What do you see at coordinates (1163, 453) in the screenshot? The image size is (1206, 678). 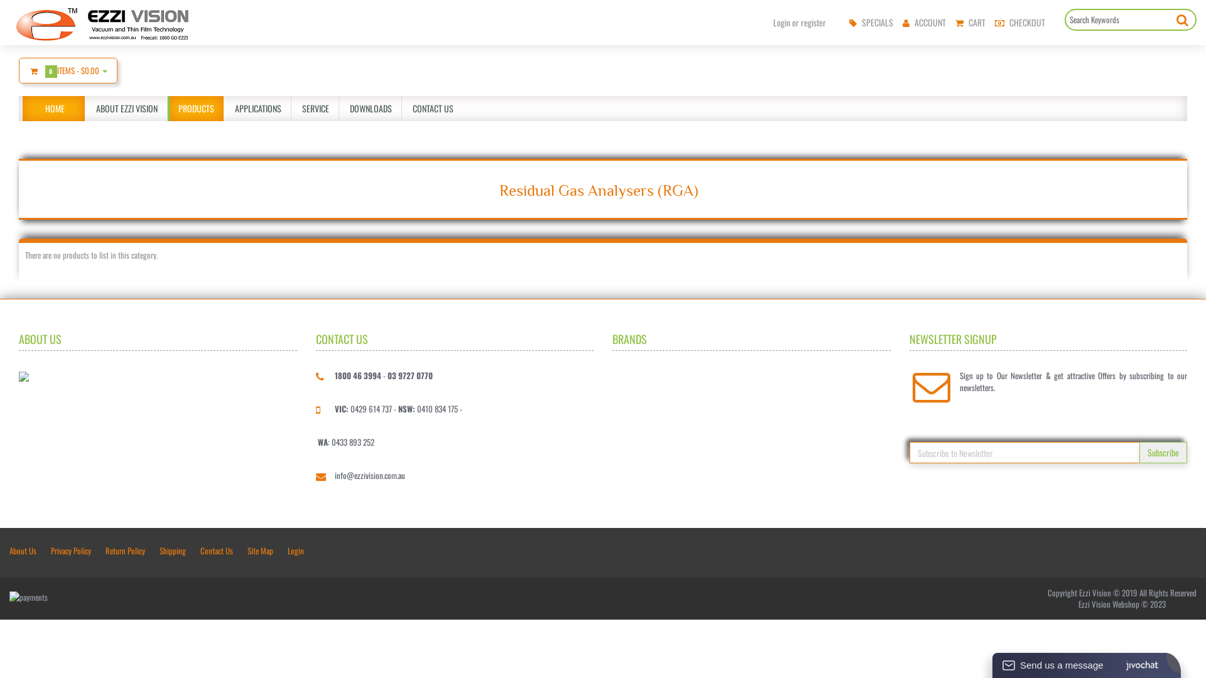 I see `'Subscribe'` at bounding box center [1163, 453].